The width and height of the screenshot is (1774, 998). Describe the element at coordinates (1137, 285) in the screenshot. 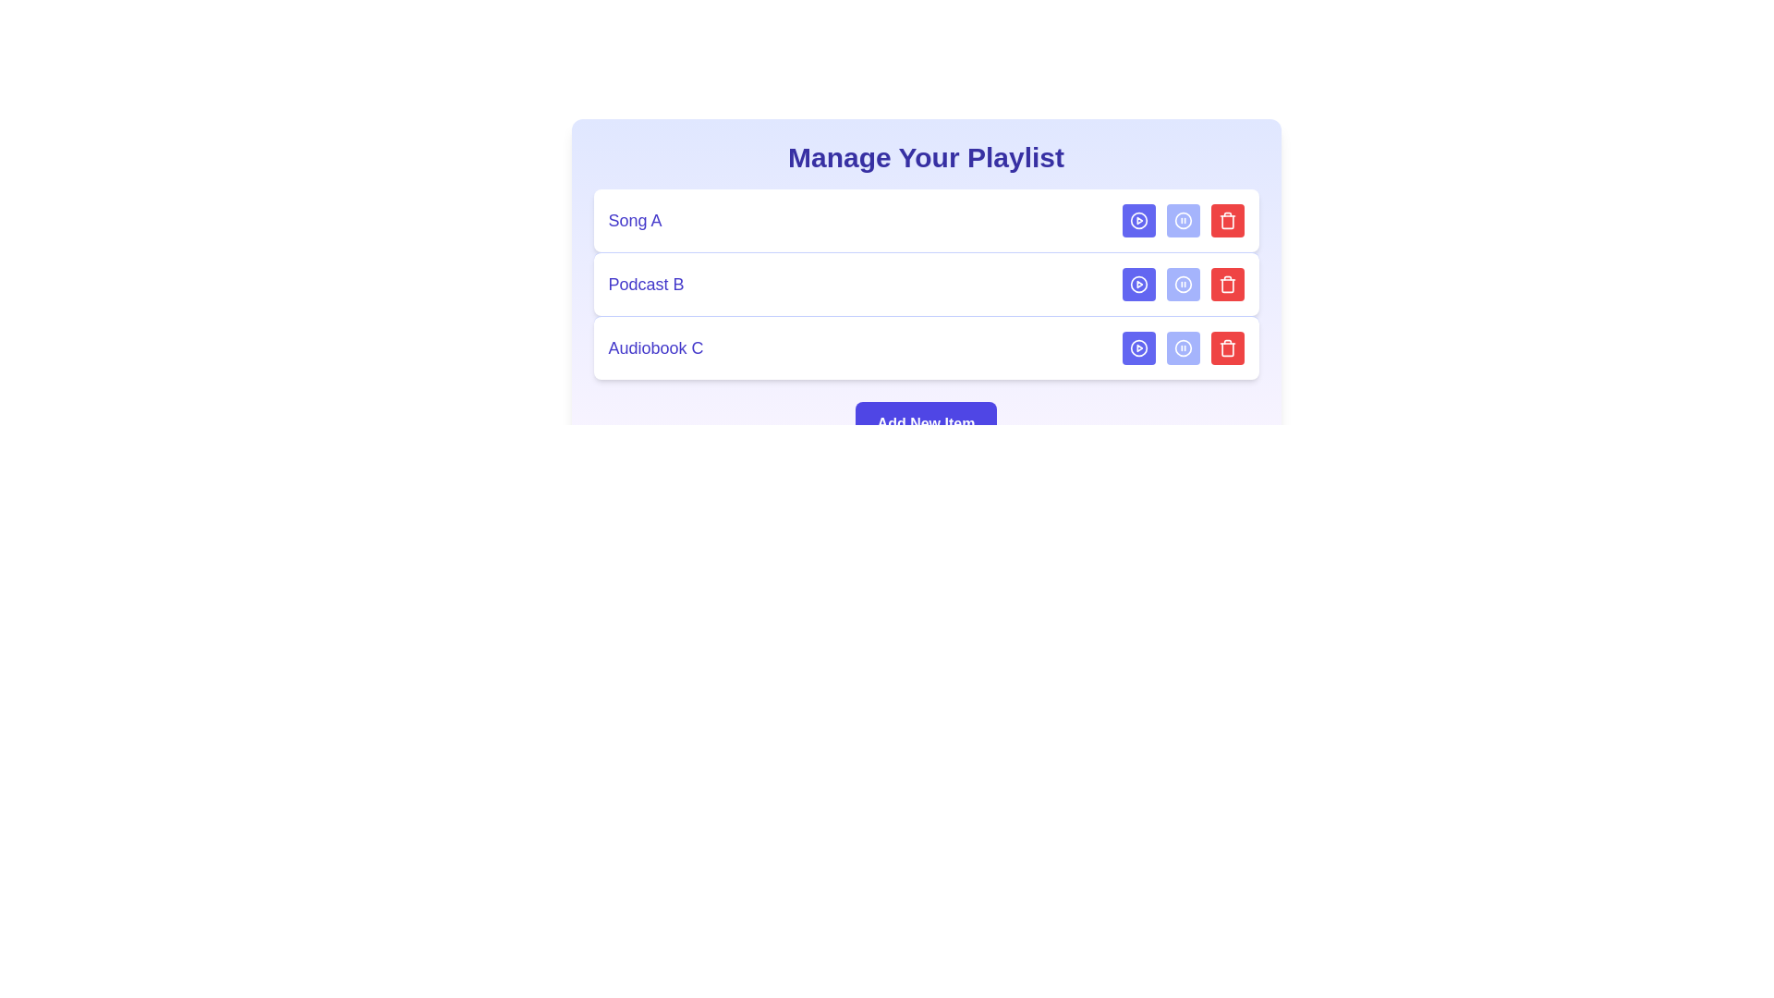

I see `'Play' button for the media item Podcast B` at that location.